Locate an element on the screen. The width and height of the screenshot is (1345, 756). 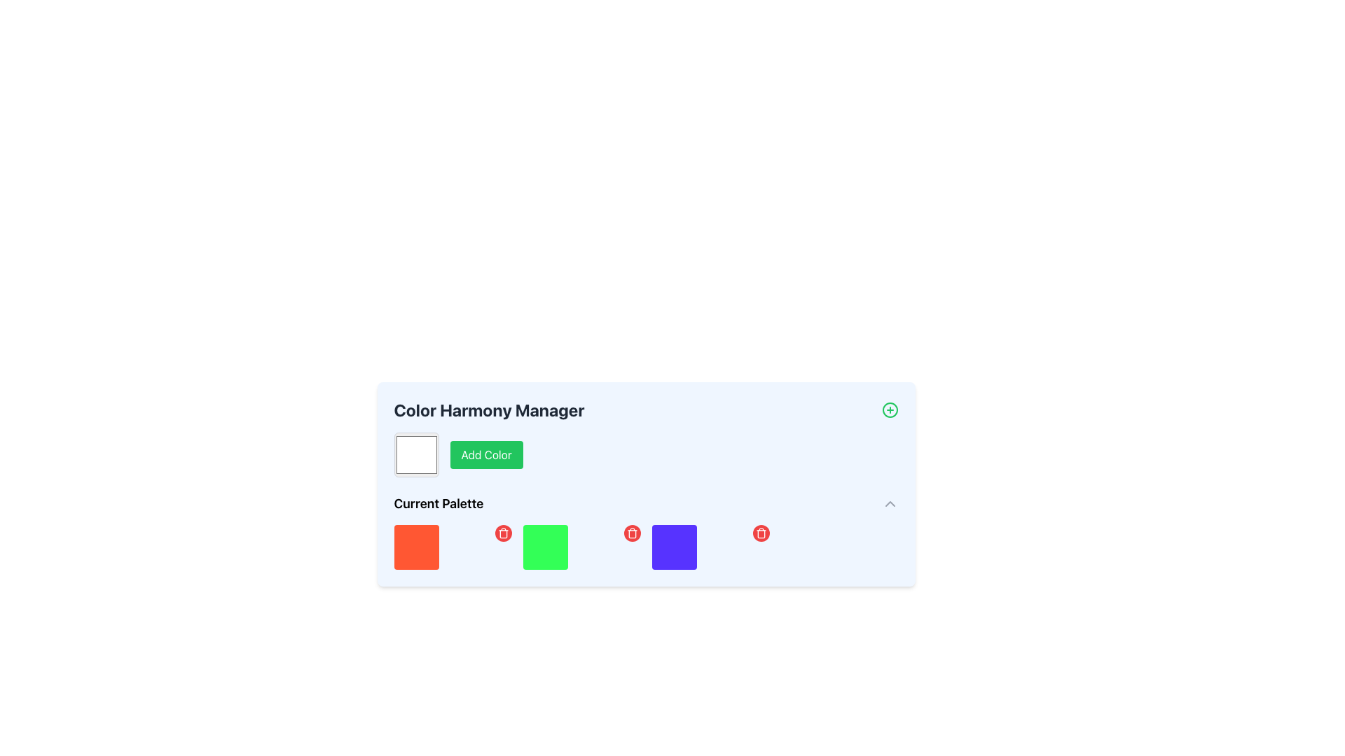
the 'Add Color' button, which is a green button with rounded corners located to the right of the color picker button in the 'Color Harmony Manager' section is located at coordinates (486, 455).